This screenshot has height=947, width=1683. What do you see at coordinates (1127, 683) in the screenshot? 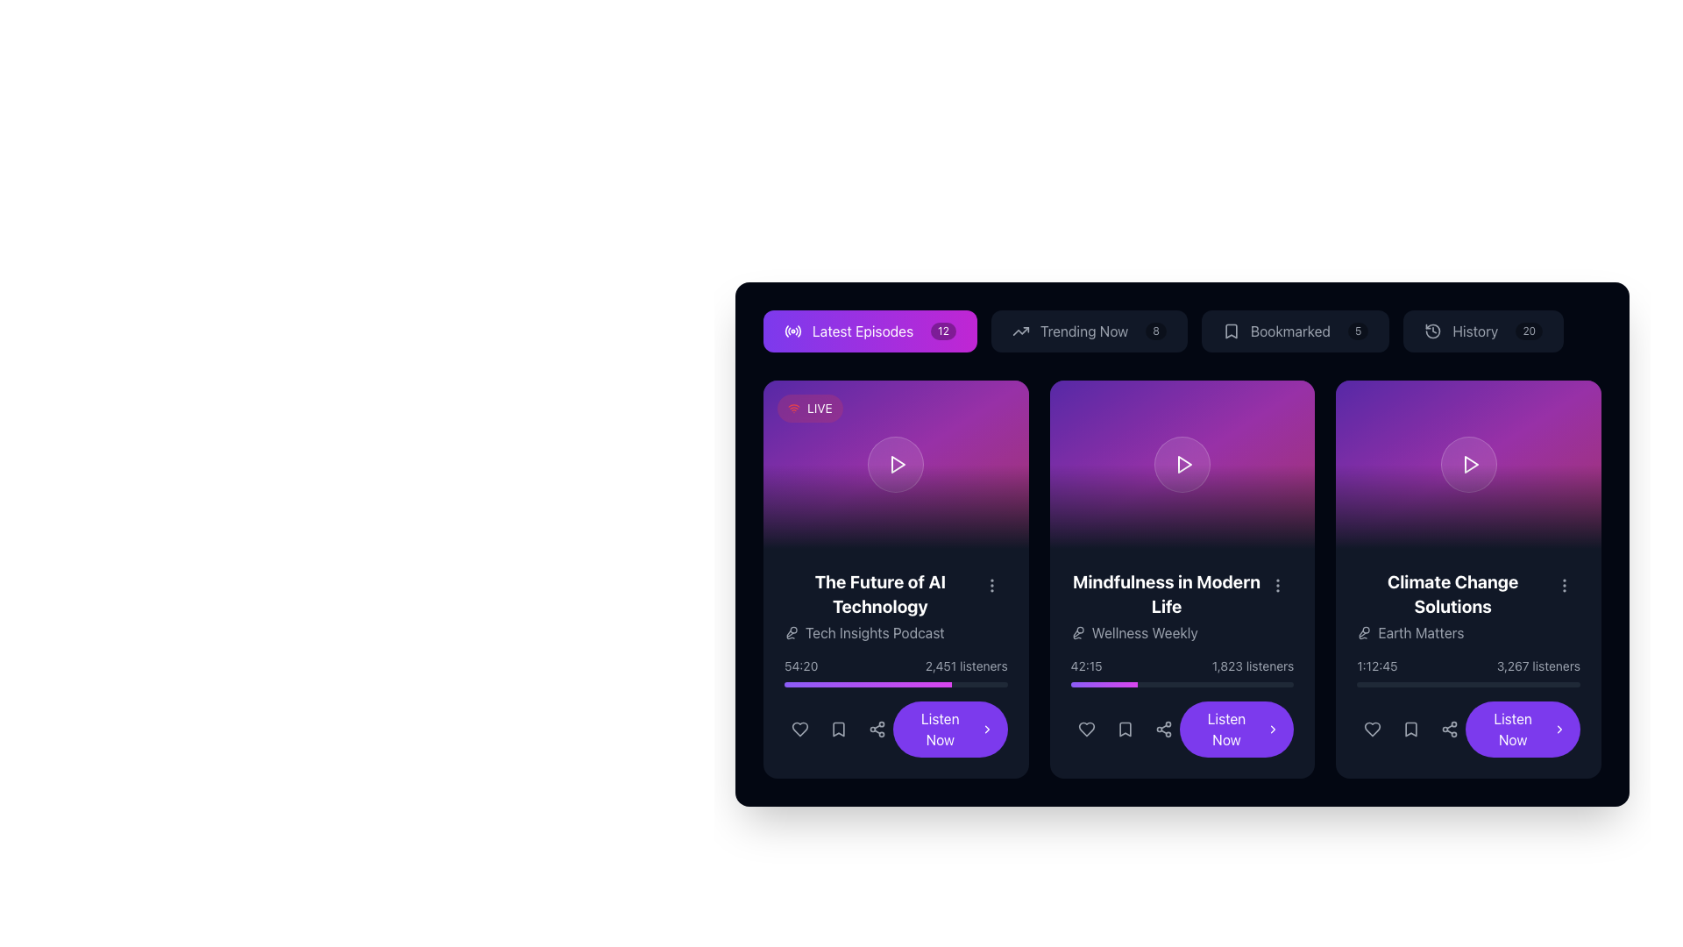
I see `progress` at bounding box center [1127, 683].